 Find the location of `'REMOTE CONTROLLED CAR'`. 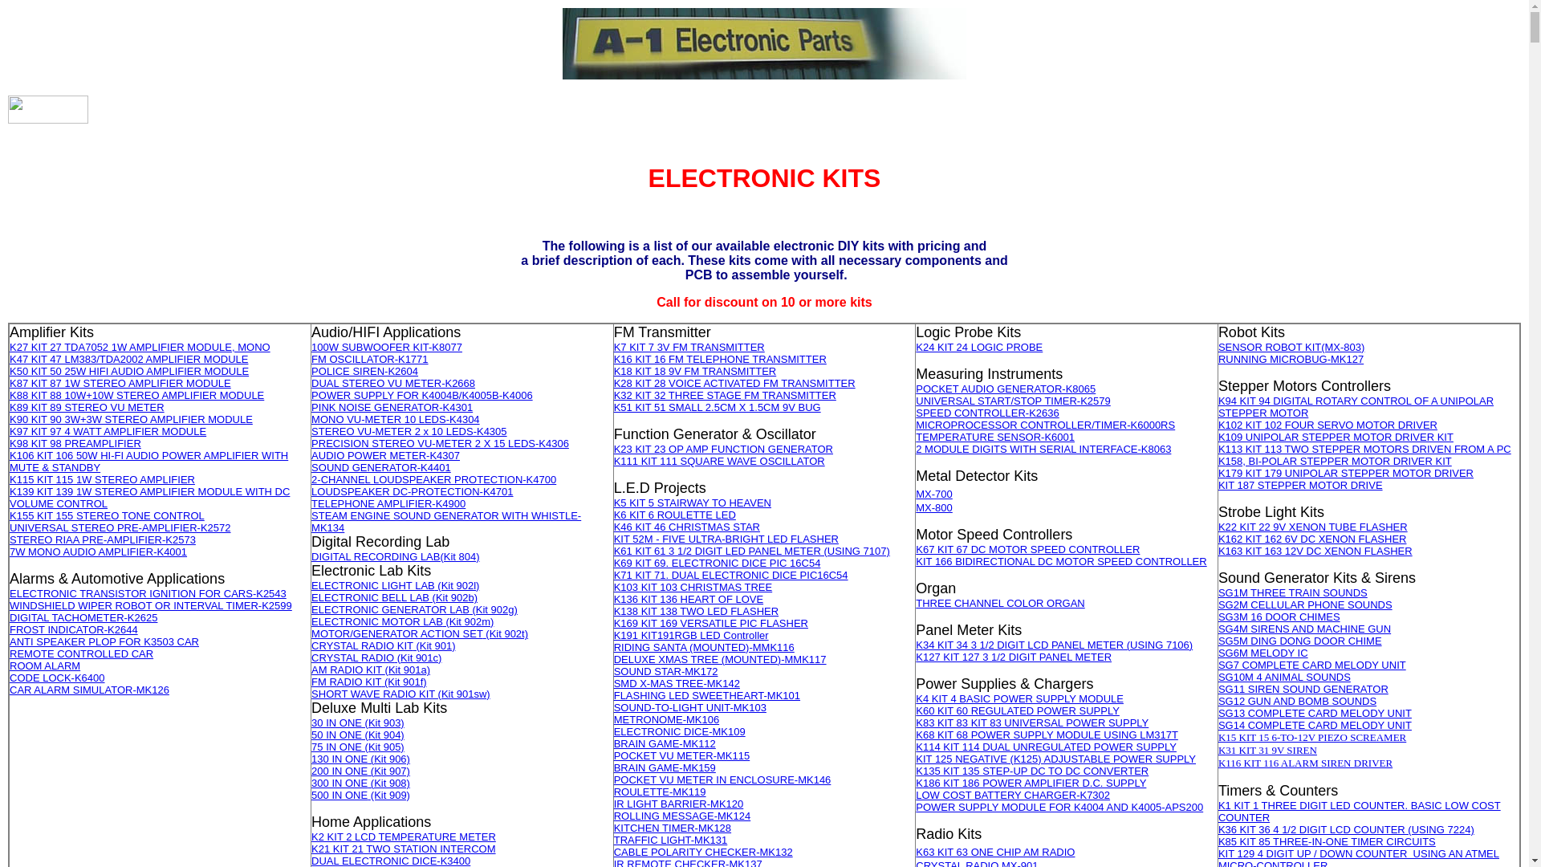

'REMOTE CONTROLLED CAR' is located at coordinates (80, 653).